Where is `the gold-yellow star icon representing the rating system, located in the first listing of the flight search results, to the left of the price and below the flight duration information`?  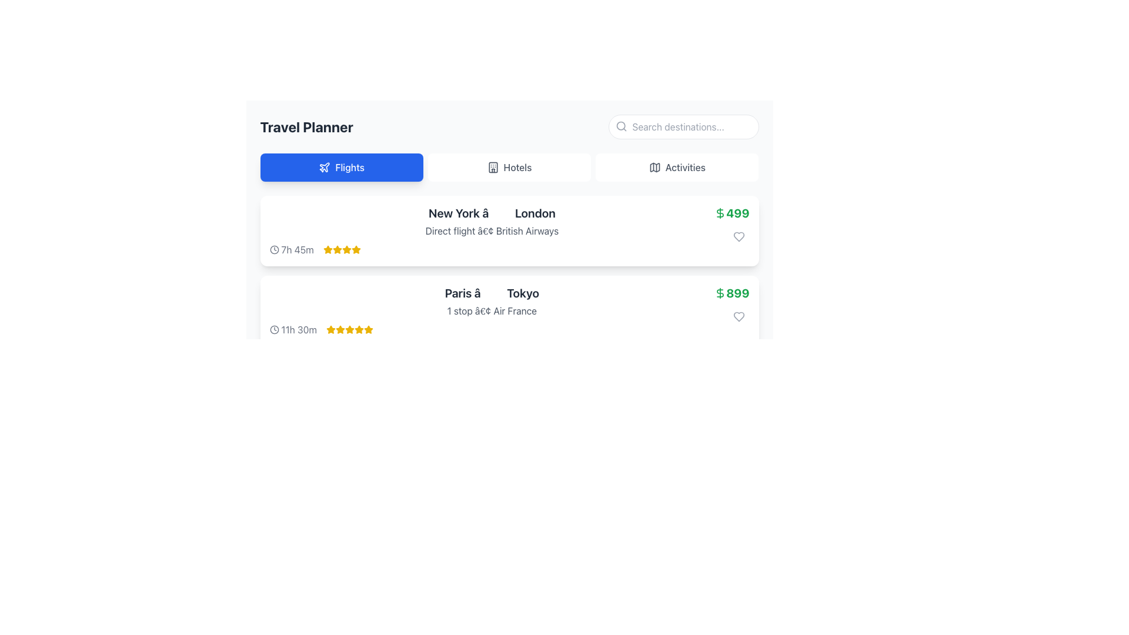 the gold-yellow star icon representing the rating system, located in the first listing of the flight search results, to the left of the price and below the flight duration information is located at coordinates (328, 249).